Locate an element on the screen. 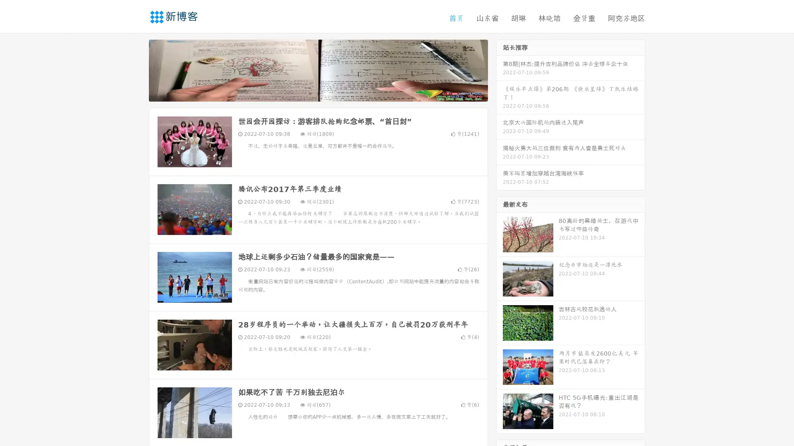 The width and height of the screenshot is (794, 446). Go to slide 1 is located at coordinates (309, 93).